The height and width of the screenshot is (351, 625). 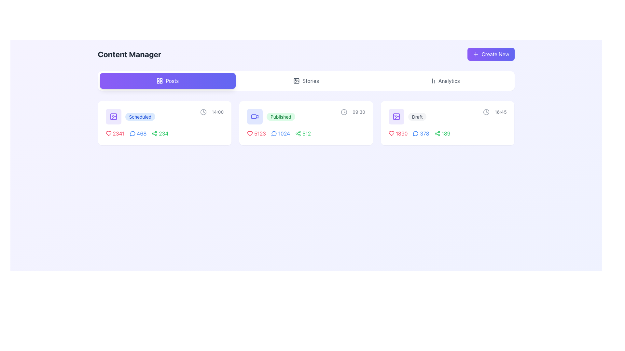 What do you see at coordinates (257, 116) in the screenshot?
I see `the graphical icon located at the top-left of the 'Published' card, which visually represents video content` at bounding box center [257, 116].